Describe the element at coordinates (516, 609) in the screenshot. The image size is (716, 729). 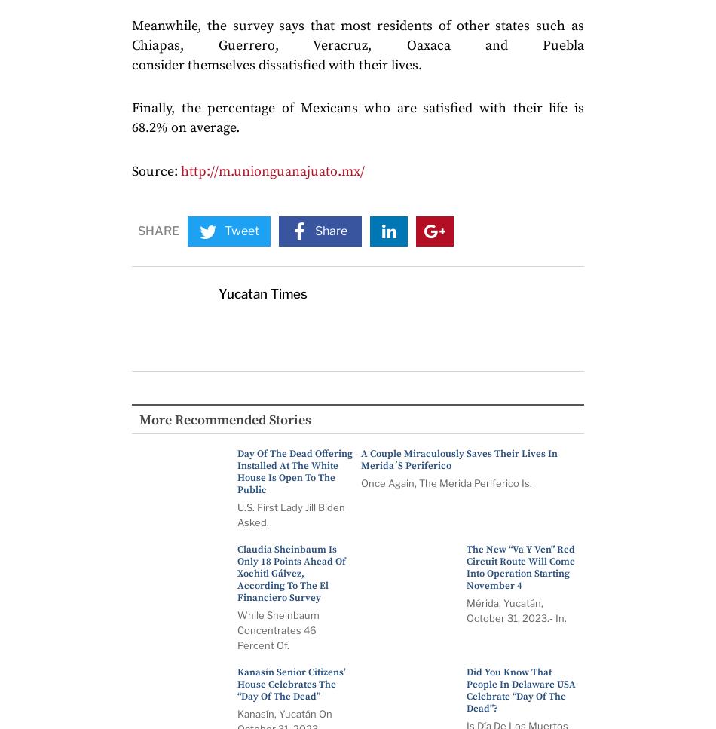
I see `'Mérida, Yucatán, October 31, 2023.- In.'` at that location.